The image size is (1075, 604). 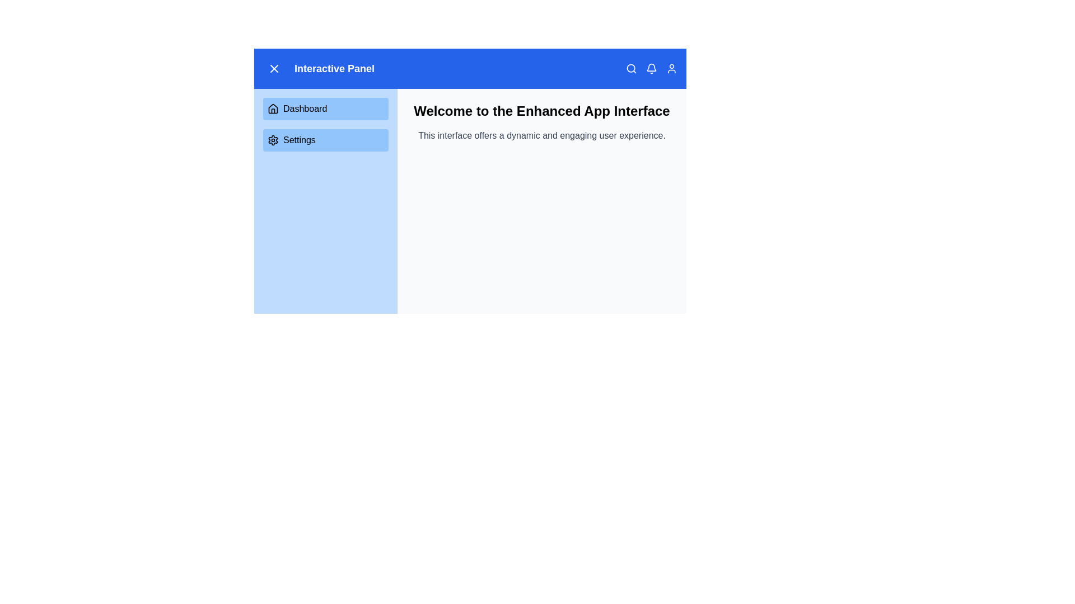 What do you see at coordinates (299, 139) in the screenshot?
I see `the descriptive label for the 'Settings' button located in the navigation panel on the left side of the interface, positioned to the right of a cogwheel icon` at bounding box center [299, 139].